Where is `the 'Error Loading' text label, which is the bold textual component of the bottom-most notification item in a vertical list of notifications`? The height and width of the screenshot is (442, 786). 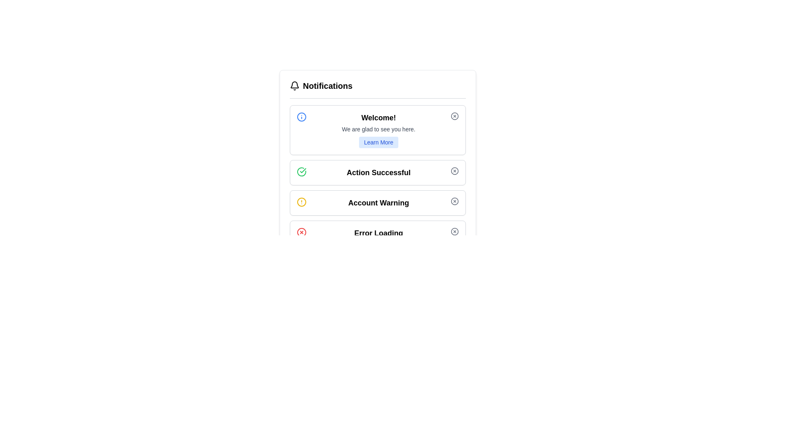
the 'Error Loading' text label, which is the bold textual component of the bottom-most notification item in a vertical list of notifications is located at coordinates (378, 233).